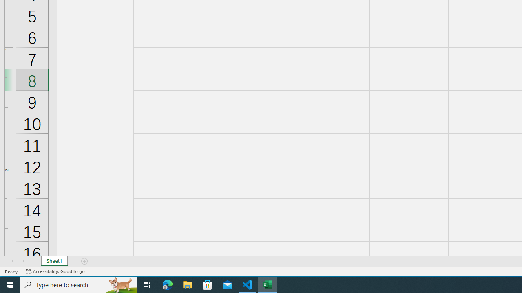 Image resolution: width=522 pixels, height=293 pixels. What do you see at coordinates (208, 284) in the screenshot?
I see `'Microsoft Store'` at bounding box center [208, 284].